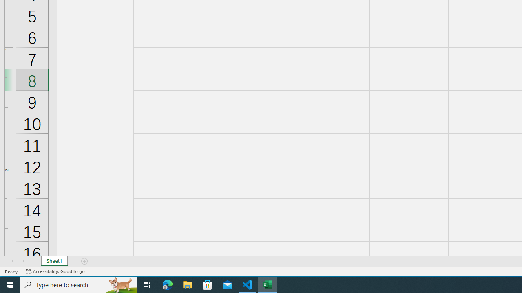 Image resolution: width=522 pixels, height=293 pixels. What do you see at coordinates (208, 284) in the screenshot?
I see `'Microsoft Store'` at bounding box center [208, 284].